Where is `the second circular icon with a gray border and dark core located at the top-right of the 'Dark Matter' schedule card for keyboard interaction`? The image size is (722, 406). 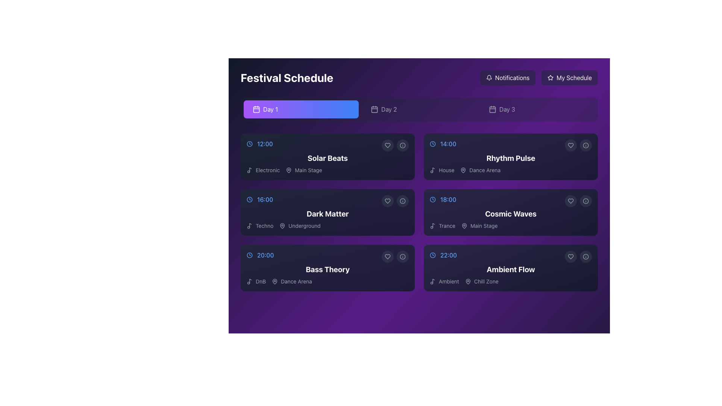 the second circular icon with a gray border and dark core located at the top-right of the 'Dark Matter' schedule card for keyboard interaction is located at coordinates (402, 201).